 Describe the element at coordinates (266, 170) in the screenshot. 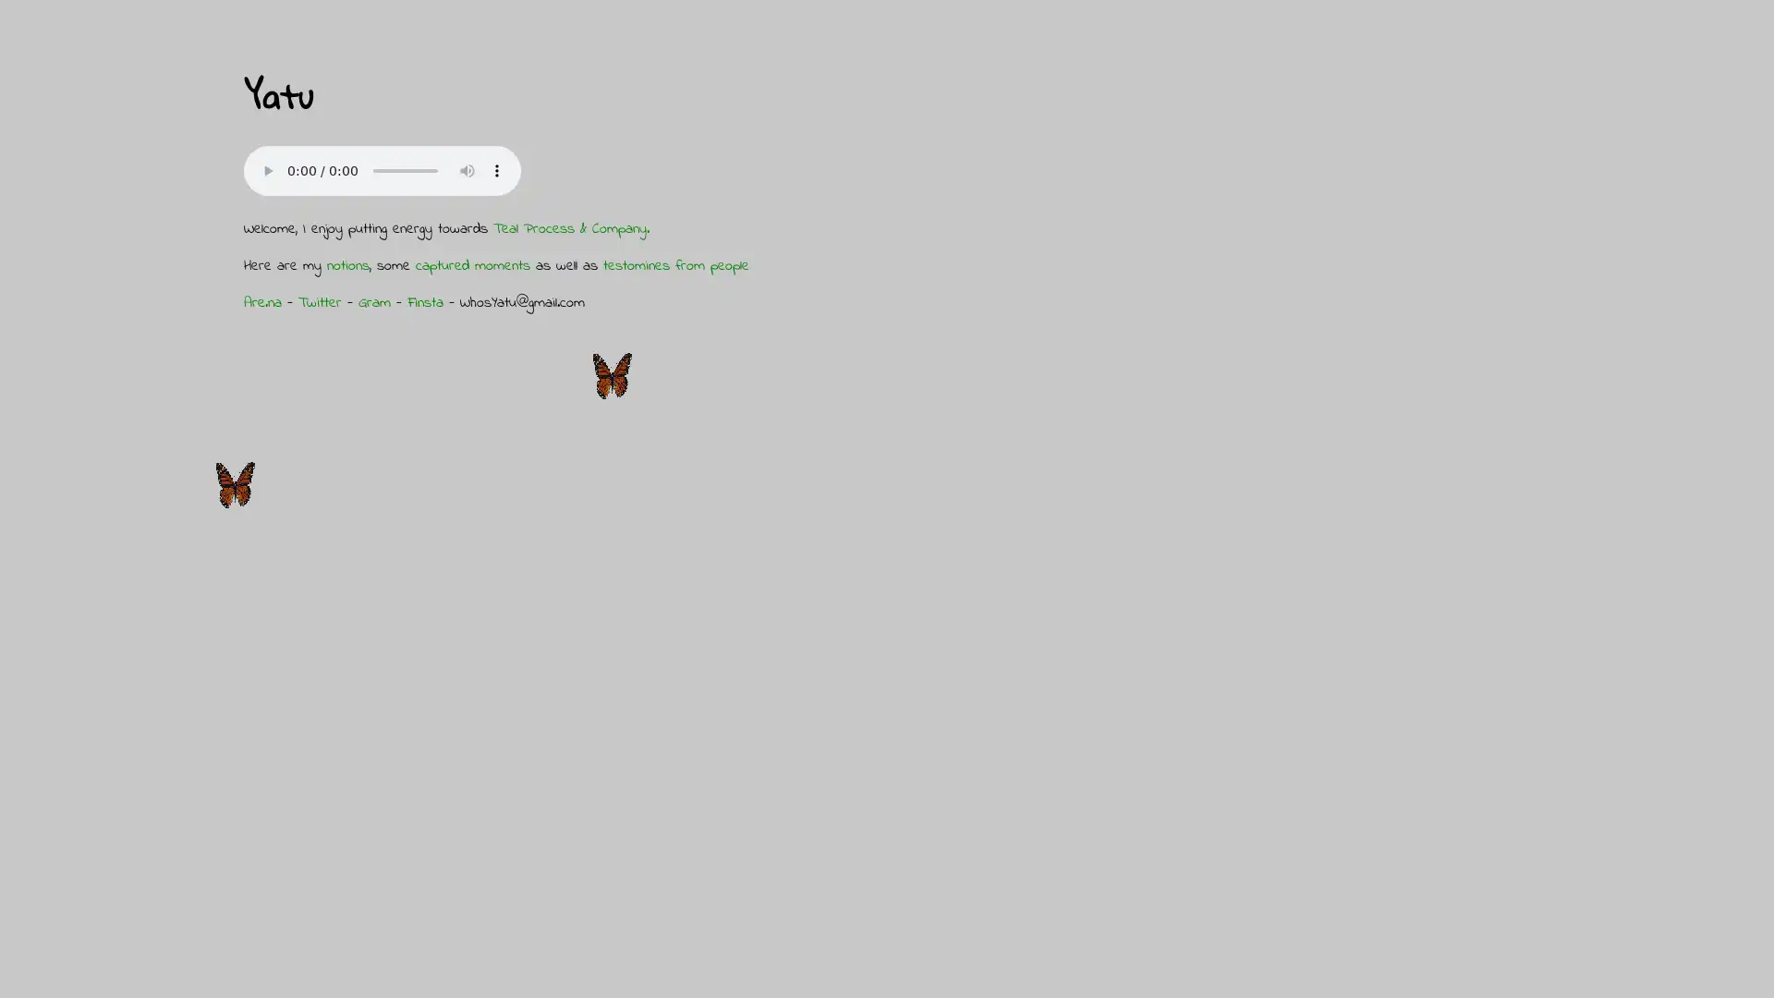

I see `play` at that location.